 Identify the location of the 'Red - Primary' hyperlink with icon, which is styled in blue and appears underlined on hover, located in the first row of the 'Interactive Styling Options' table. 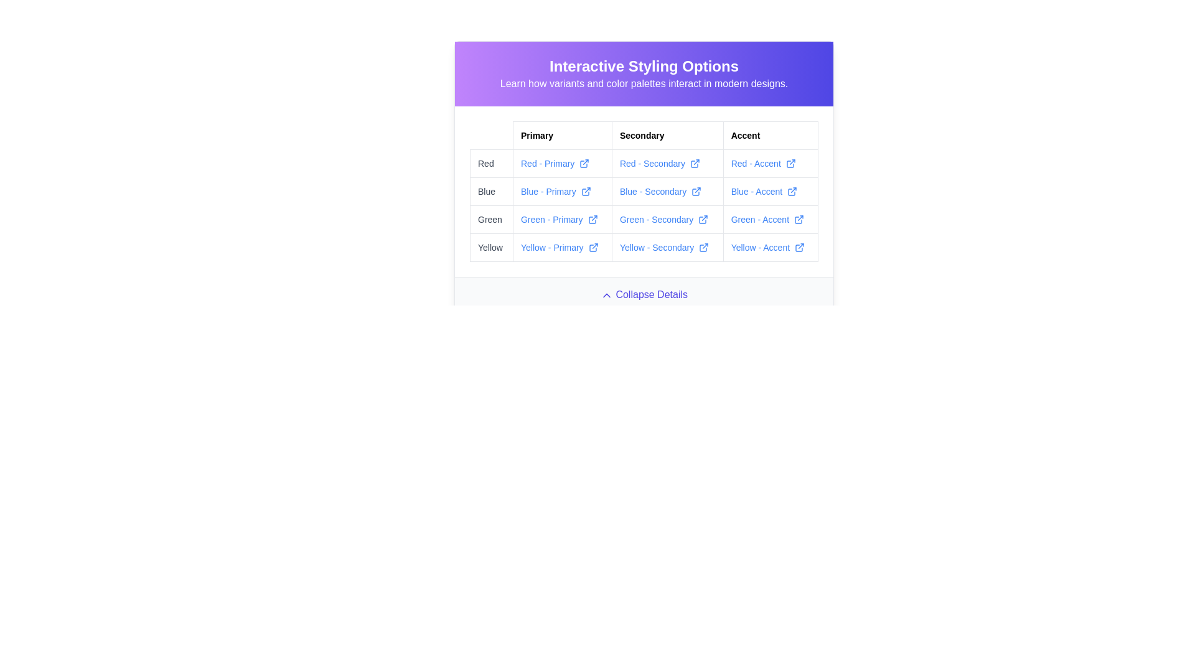
(561, 162).